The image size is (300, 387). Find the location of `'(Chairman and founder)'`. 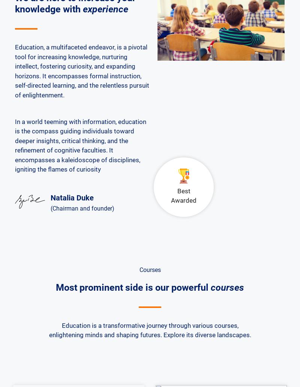

'(Chairman and founder)' is located at coordinates (82, 208).